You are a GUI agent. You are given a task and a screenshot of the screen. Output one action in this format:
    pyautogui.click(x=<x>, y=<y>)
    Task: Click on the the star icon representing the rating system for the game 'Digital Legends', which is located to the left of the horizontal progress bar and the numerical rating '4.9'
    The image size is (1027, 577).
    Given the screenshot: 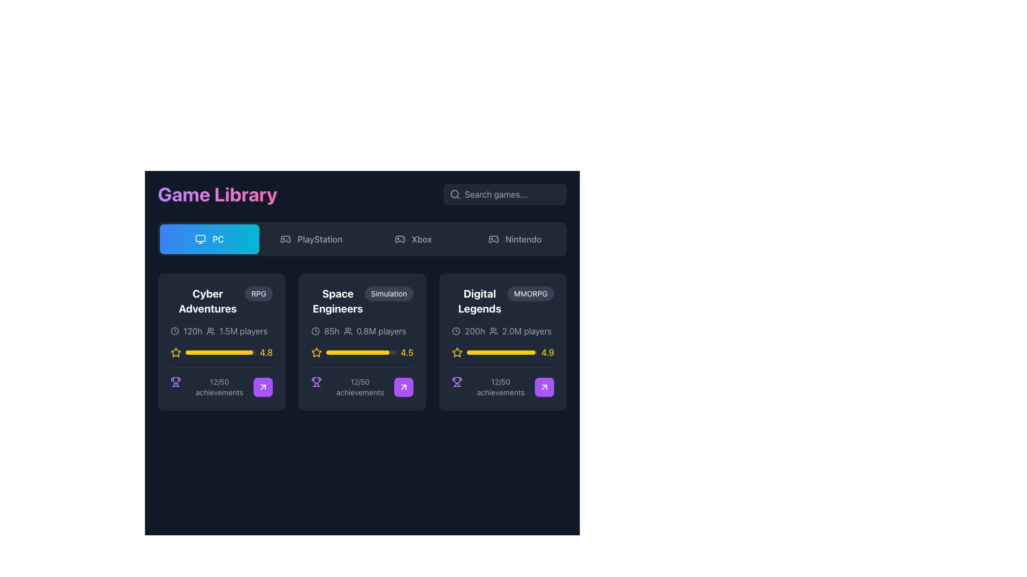 What is the action you would take?
    pyautogui.click(x=457, y=352)
    